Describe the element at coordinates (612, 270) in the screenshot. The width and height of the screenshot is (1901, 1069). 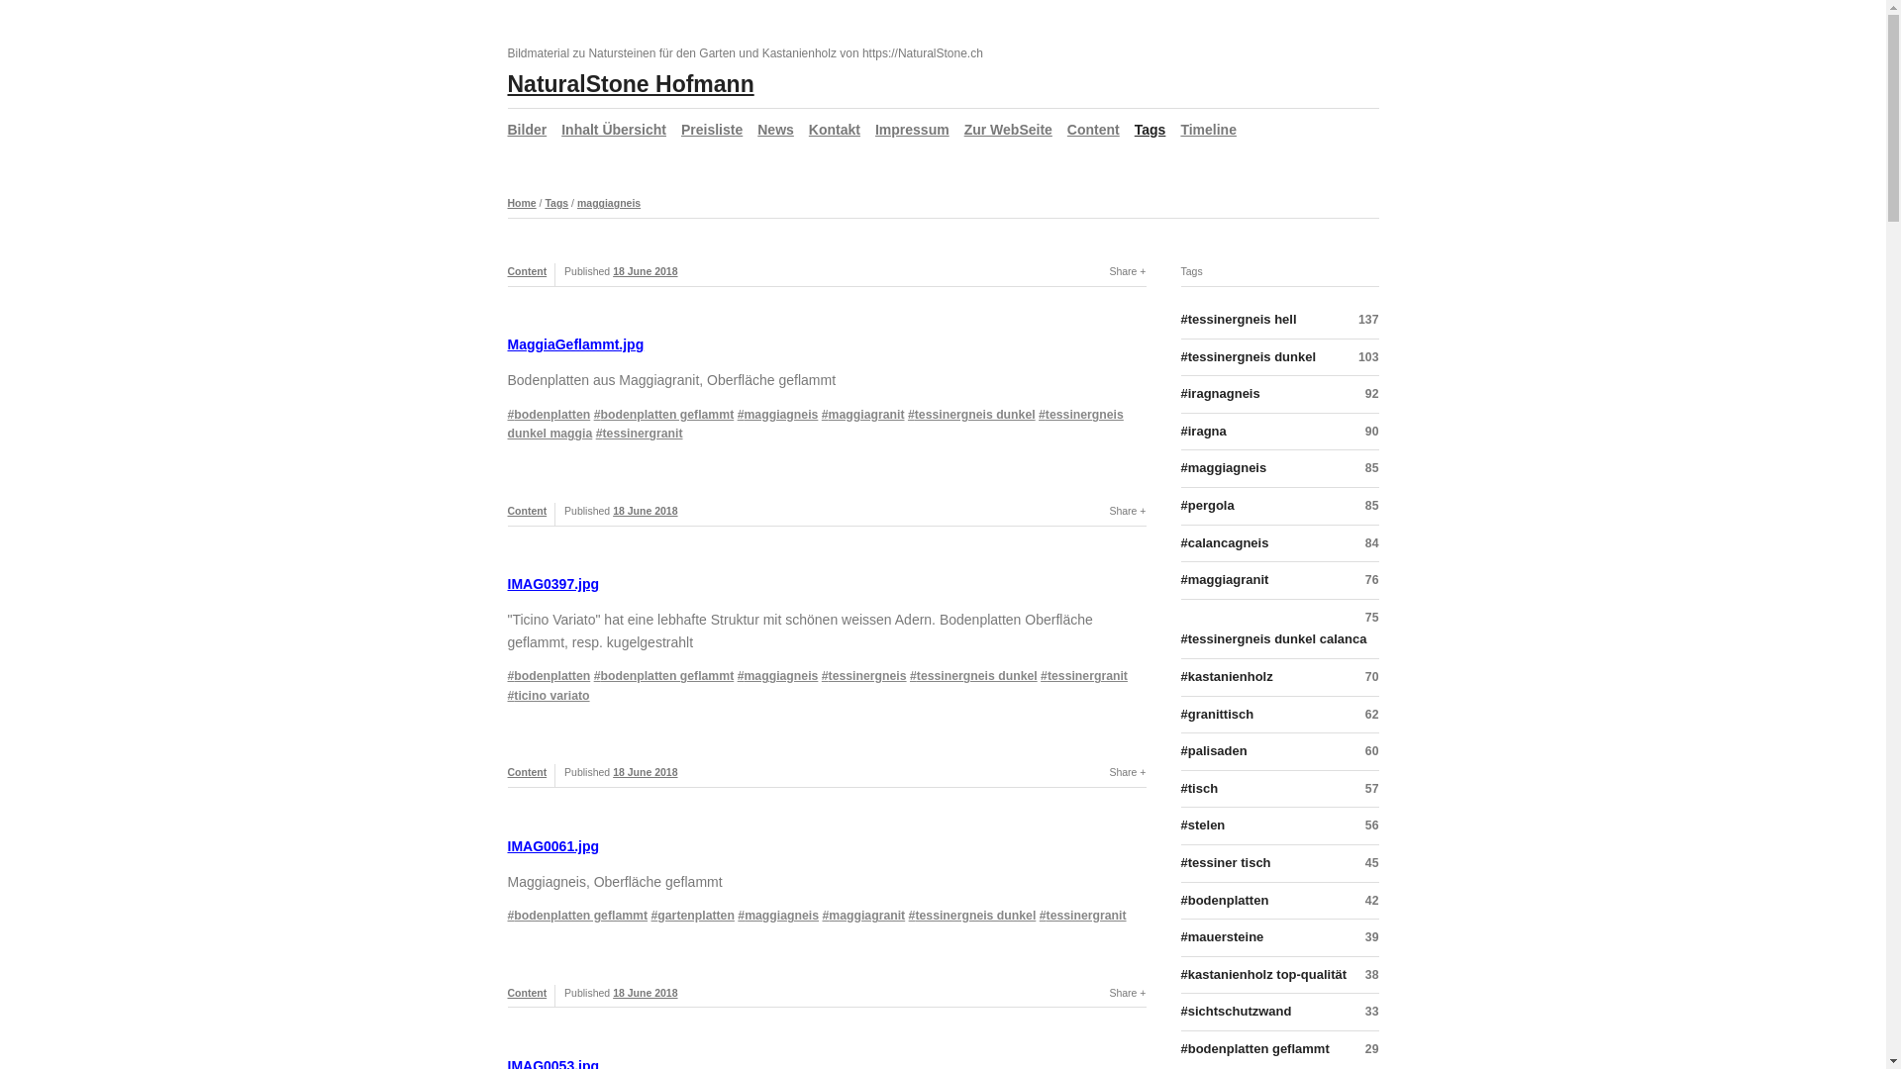
I see `'18 June 2018'` at that location.